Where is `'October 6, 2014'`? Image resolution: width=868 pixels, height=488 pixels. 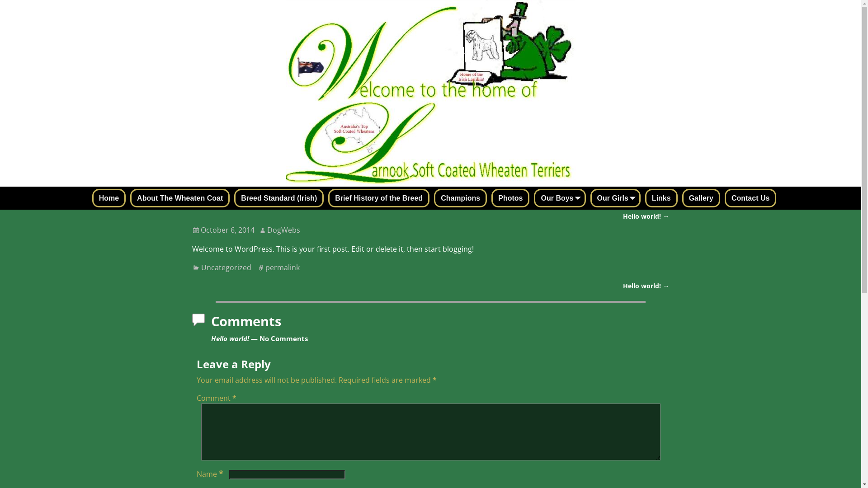
'October 6, 2014' is located at coordinates (223, 230).